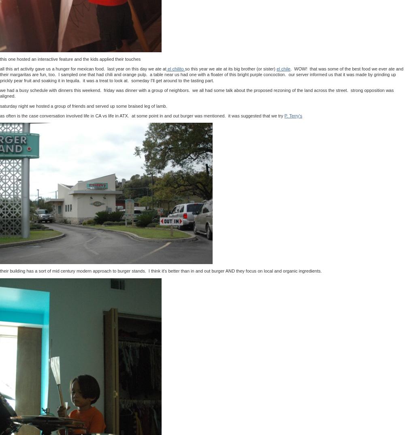 Image resolution: width=405 pixels, height=435 pixels. What do you see at coordinates (70, 58) in the screenshot?
I see `'this one hosted an interactive feature and the kids applied their touches'` at bounding box center [70, 58].